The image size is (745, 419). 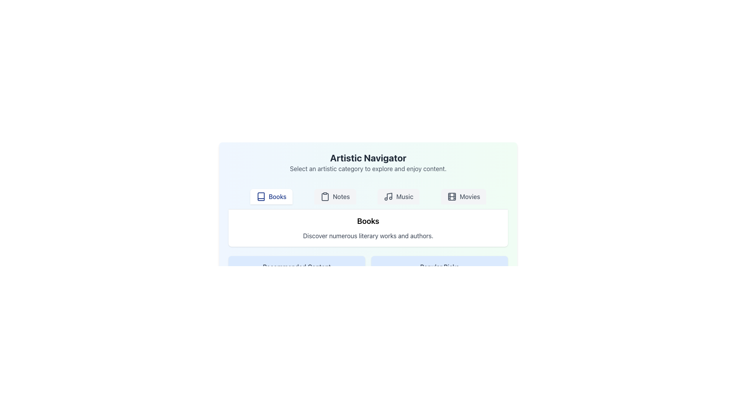 What do you see at coordinates (341, 196) in the screenshot?
I see `the 'Notes' category text label` at bounding box center [341, 196].